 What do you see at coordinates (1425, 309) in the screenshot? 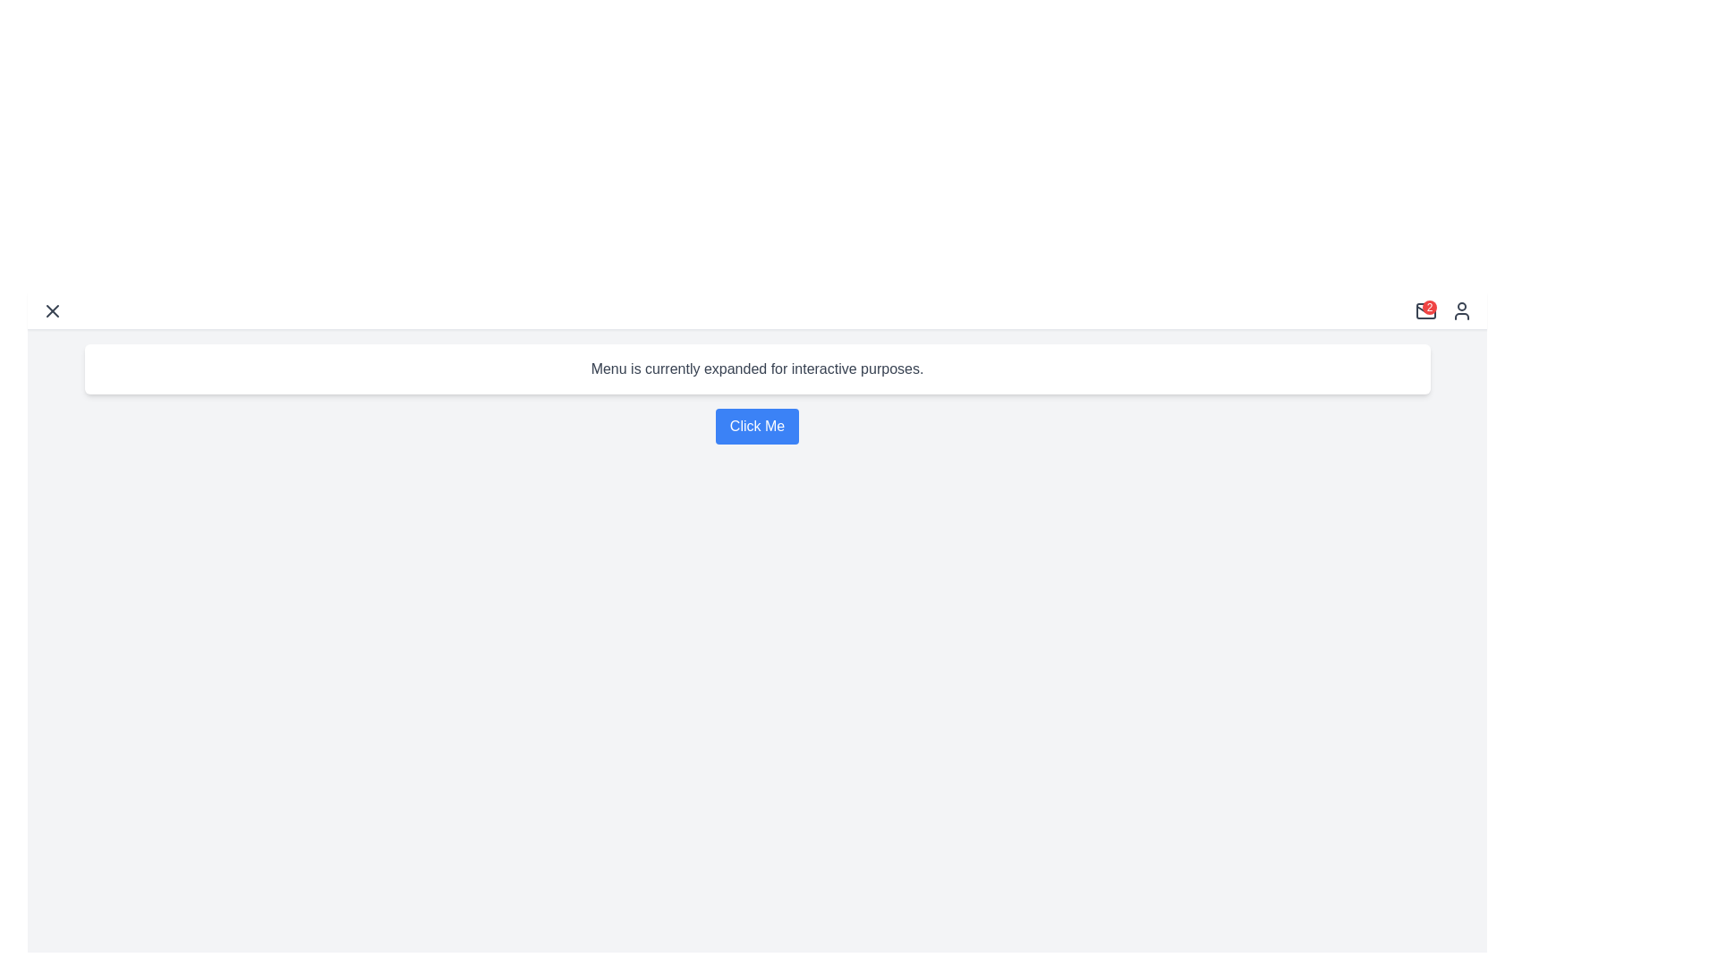
I see `the Notification Badge with a red circular background and the white number '2' centered inside it to interact with the notification` at bounding box center [1425, 309].